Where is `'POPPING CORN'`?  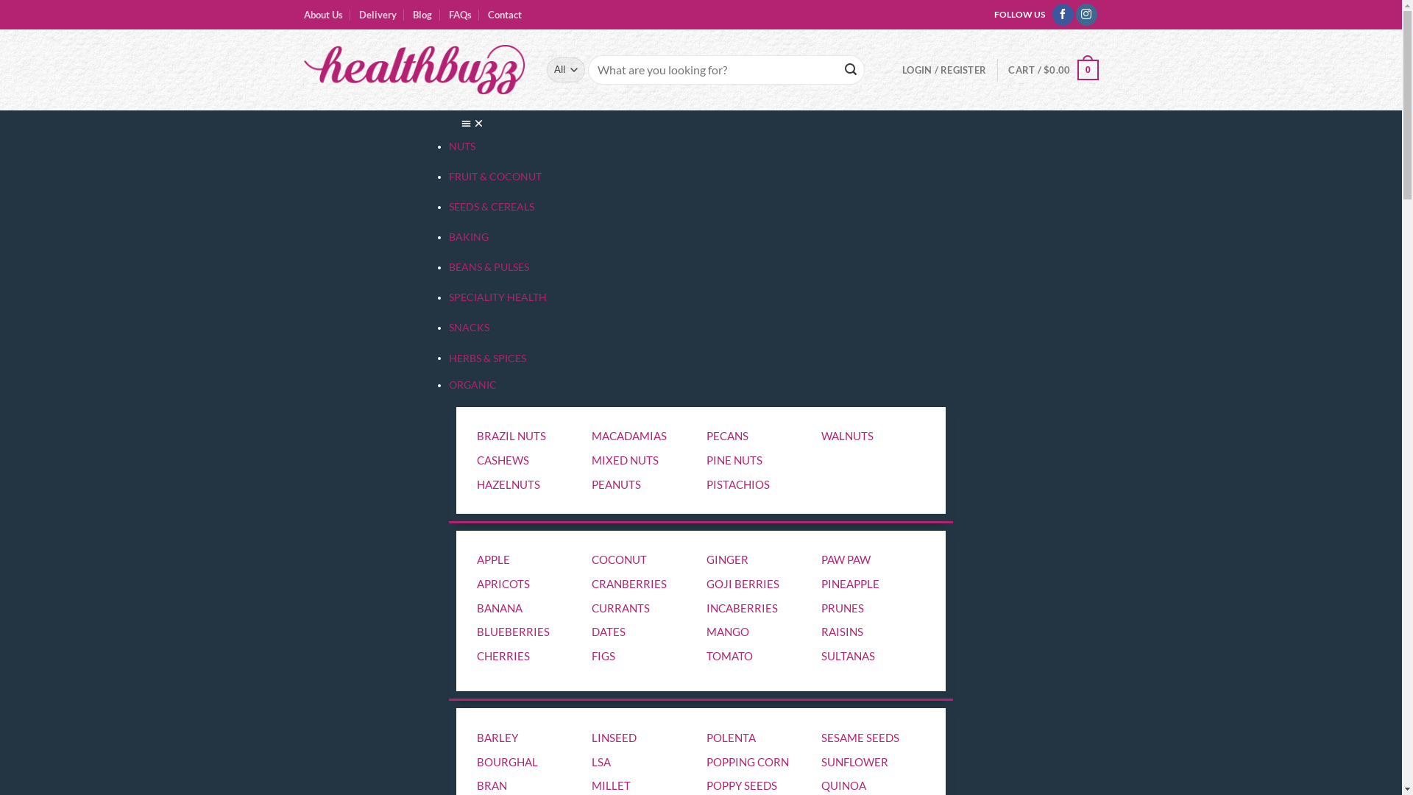
'POPPING CORN' is located at coordinates (748, 761).